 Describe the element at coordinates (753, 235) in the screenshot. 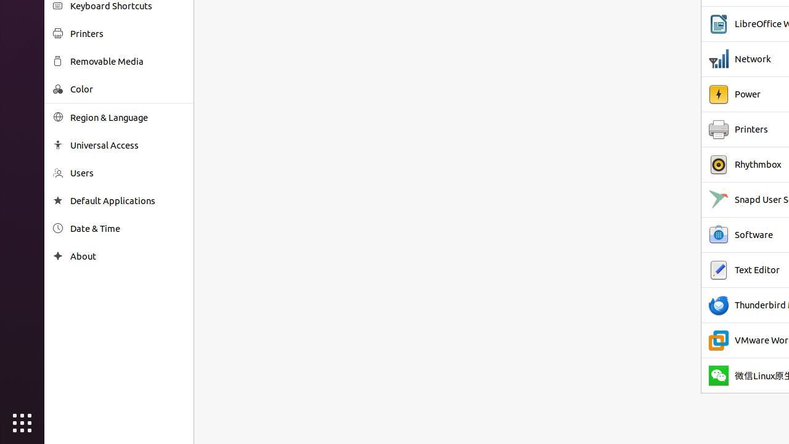

I see `'Software'` at that location.